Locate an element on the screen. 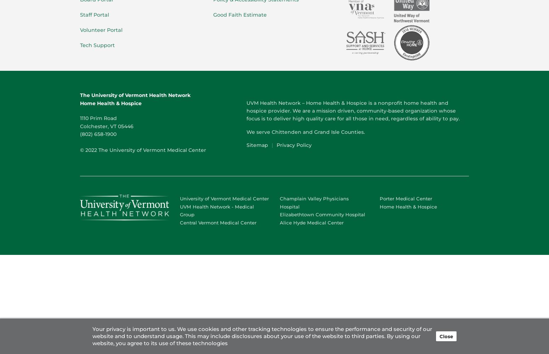 The image size is (549, 354). '(802) 658-1900' is located at coordinates (98, 134).